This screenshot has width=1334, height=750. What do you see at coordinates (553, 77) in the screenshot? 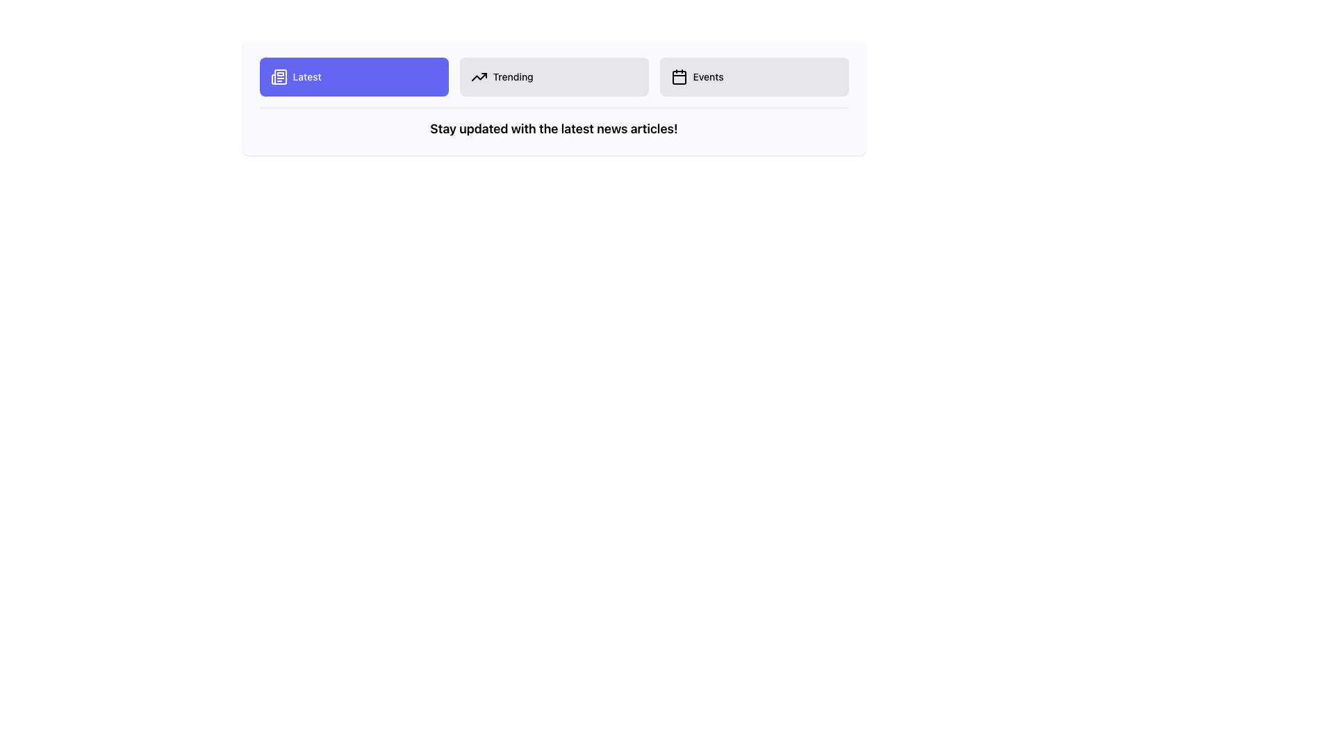
I see `the central button in the navigation bar, which is located between the 'Latest' button and the 'Events' button` at bounding box center [553, 77].